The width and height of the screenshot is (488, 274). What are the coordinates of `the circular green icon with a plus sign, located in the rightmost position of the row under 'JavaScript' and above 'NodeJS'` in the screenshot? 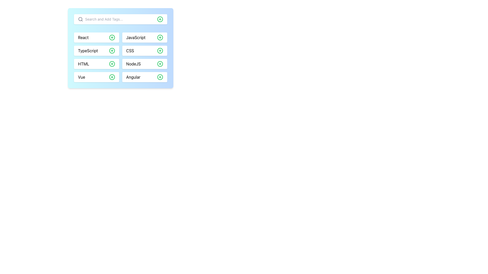 It's located at (160, 51).